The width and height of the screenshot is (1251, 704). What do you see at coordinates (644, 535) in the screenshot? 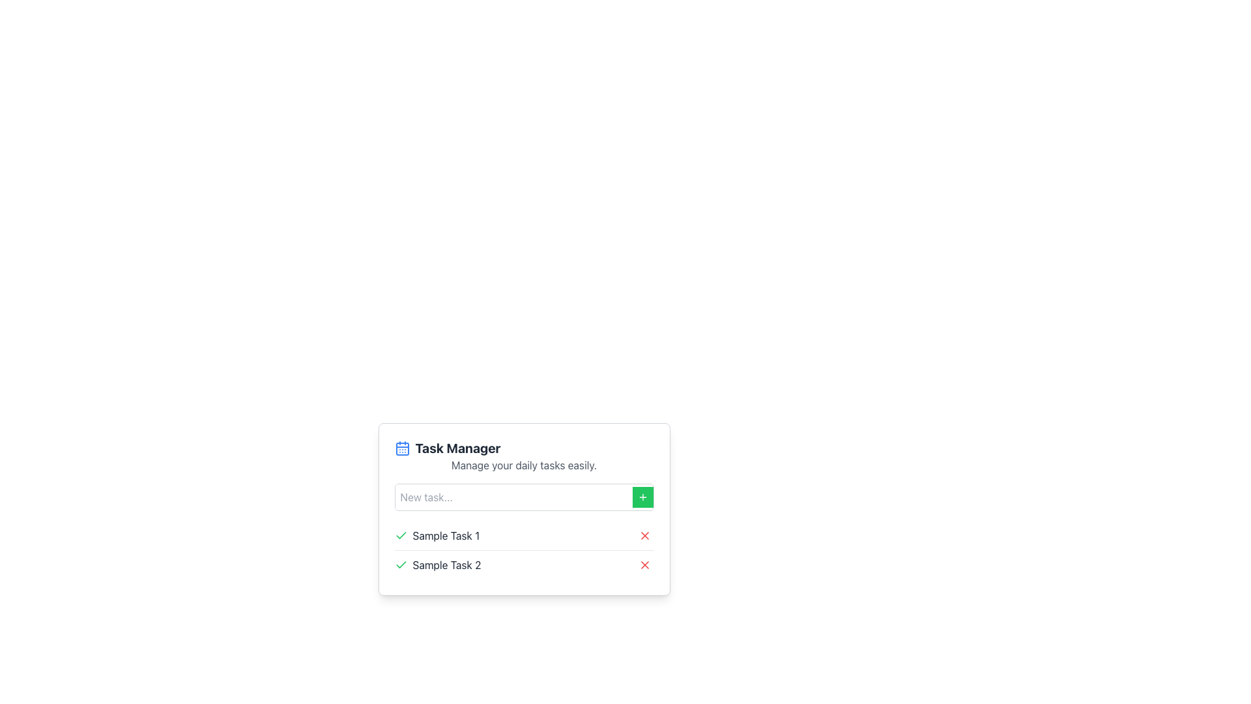
I see `the delete icon next to the task labeled 'Sample Task 1'` at bounding box center [644, 535].